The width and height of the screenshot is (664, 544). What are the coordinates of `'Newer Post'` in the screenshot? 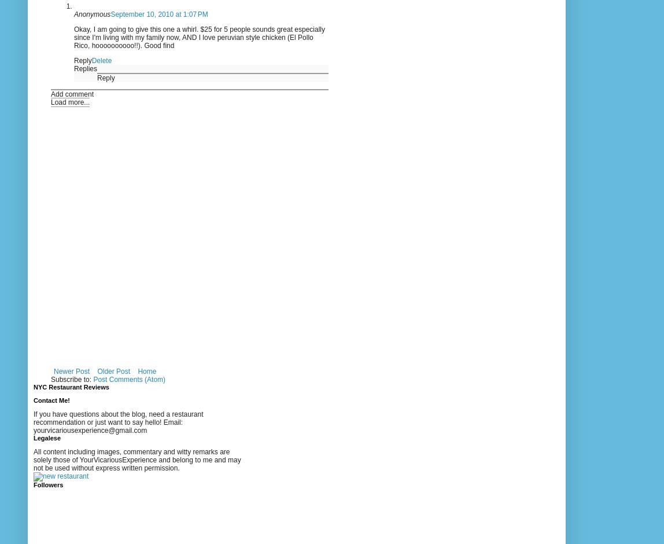 It's located at (53, 370).